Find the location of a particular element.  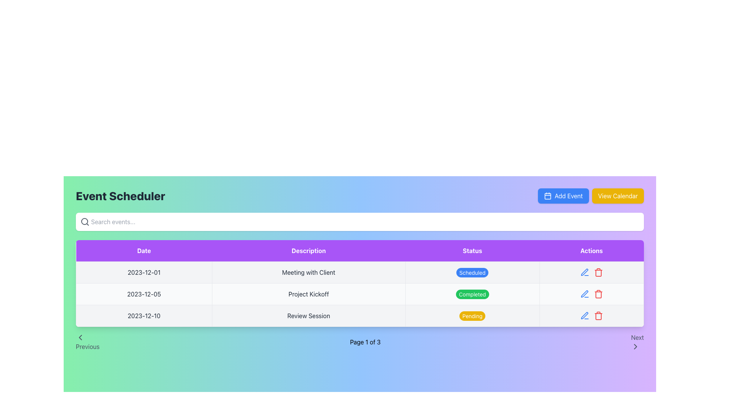

the text label containing 'Project Kickoff' in the second row under the 'Description' column of the table is located at coordinates (308, 293).